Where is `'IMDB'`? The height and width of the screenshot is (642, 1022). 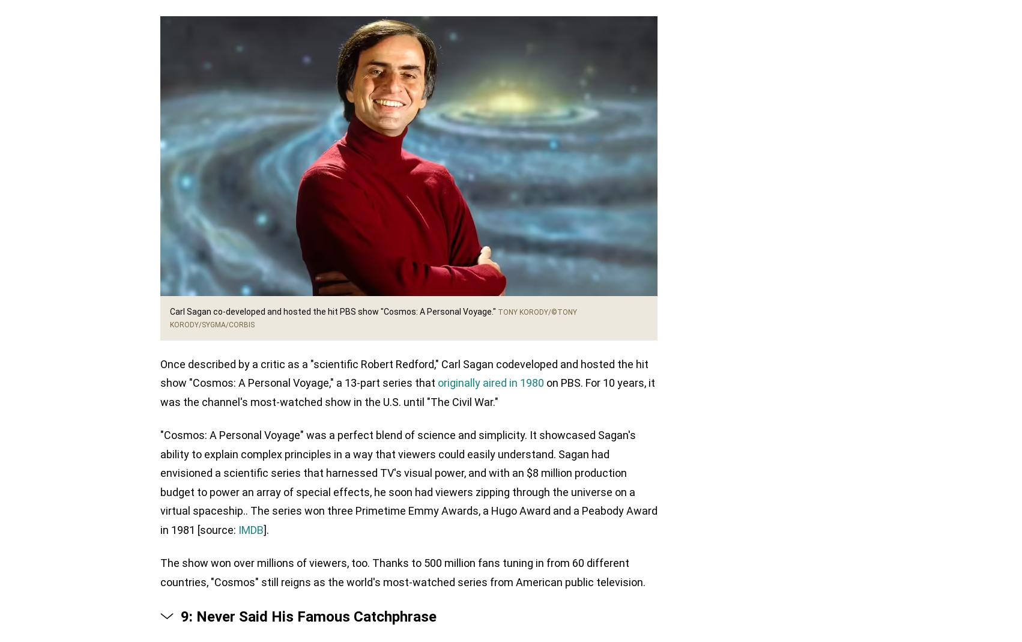
'IMDB' is located at coordinates (238, 528).